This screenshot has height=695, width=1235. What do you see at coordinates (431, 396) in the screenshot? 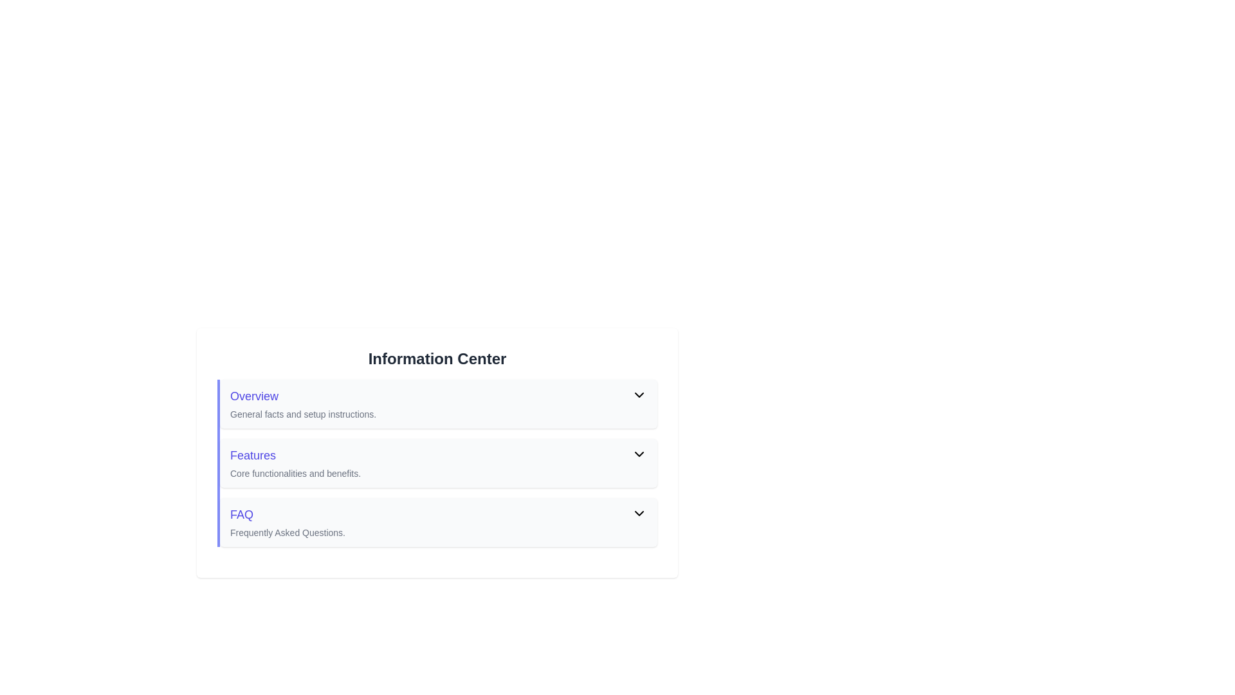
I see `the 'Overview' section header in the 'Information Center' list by moving the cursor to its location for keyboard-based navigation` at bounding box center [431, 396].